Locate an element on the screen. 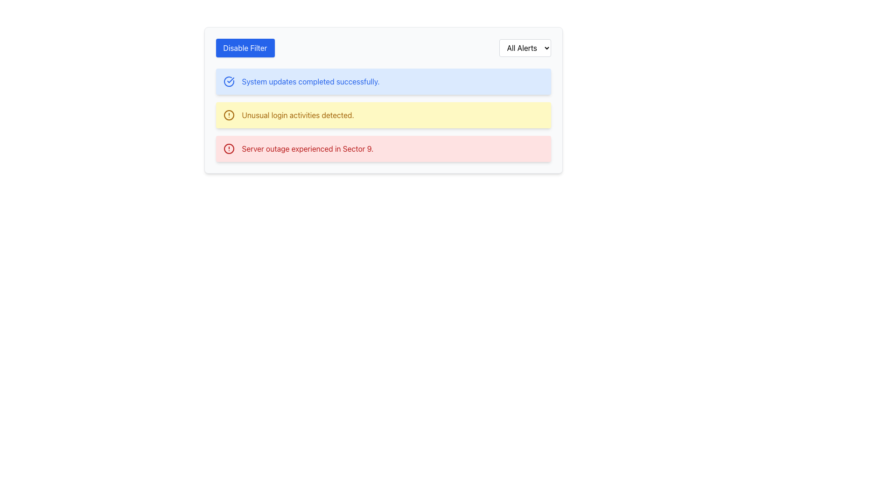 This screenshot has height=504, width=896. the checkmark icon on the Notification bar with a blue background is located at coordinates (383, 81).